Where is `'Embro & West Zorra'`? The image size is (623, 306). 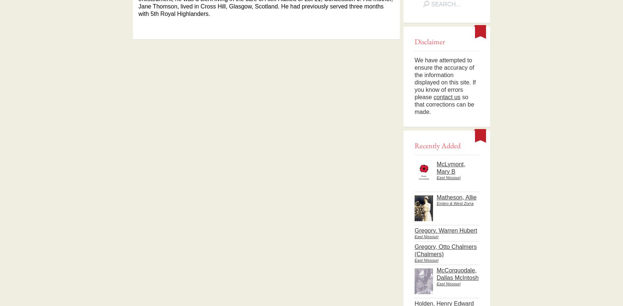 'Embro & West Zorra' is located at coordinates (436, 203).